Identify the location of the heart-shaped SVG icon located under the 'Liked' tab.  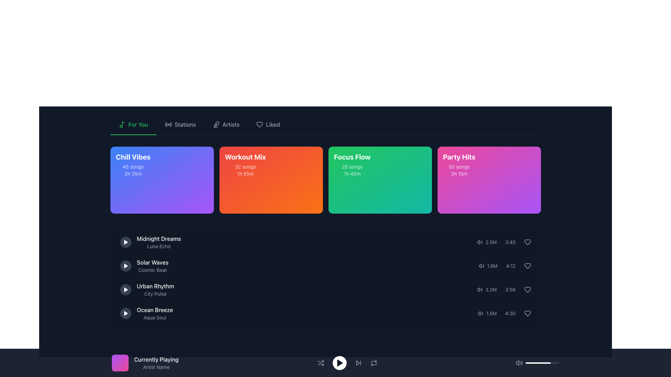
(259, 124).